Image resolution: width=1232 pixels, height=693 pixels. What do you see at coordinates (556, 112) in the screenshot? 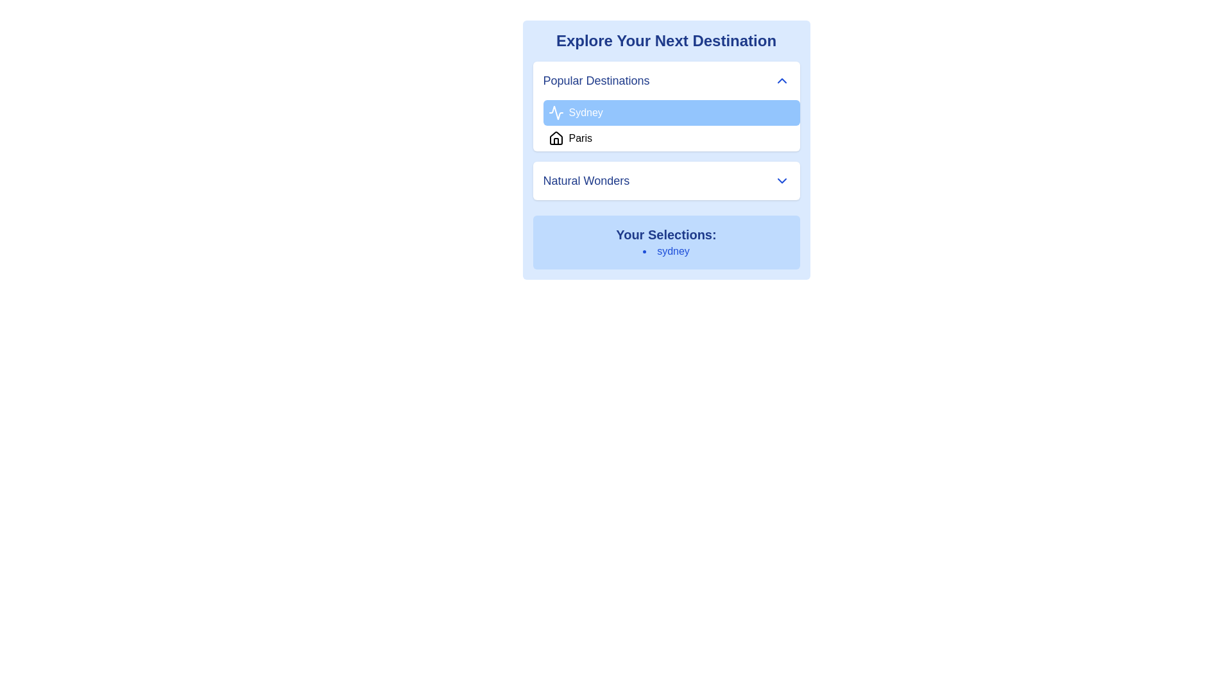
I see `the graphical icon that serves as a visual indicator related to the 'Sydney' selection, located to the left of the 'Sydney' label in the 'Popular Destinations' section` at bounding box center [556, 112].